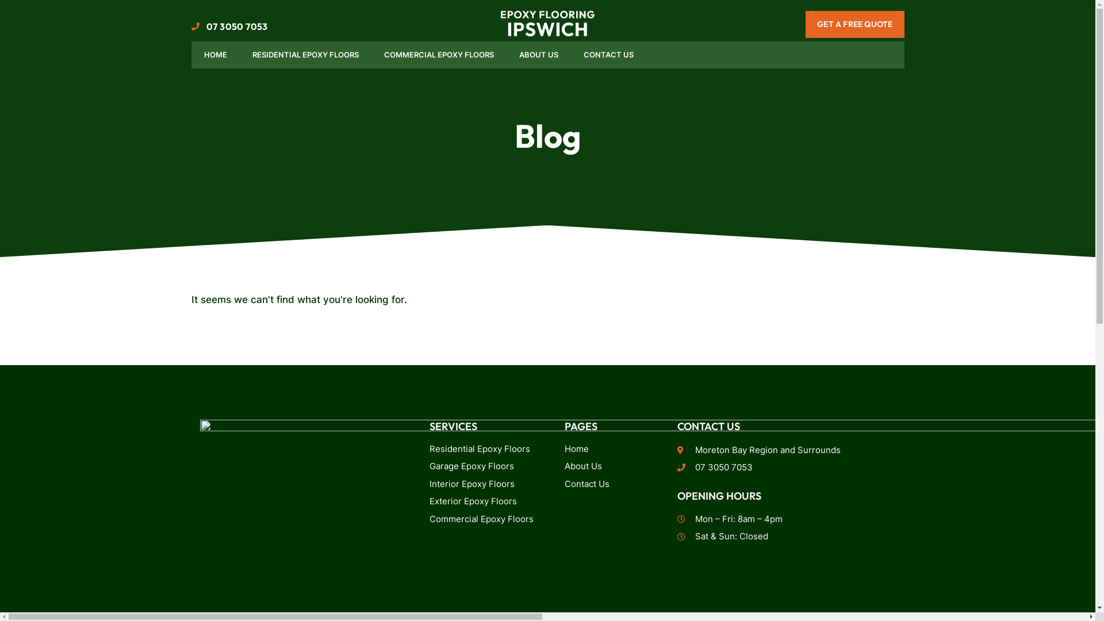 The width and height of the screenshot is (1104, 621). I want to click on 'About Us', so click(612, 466).